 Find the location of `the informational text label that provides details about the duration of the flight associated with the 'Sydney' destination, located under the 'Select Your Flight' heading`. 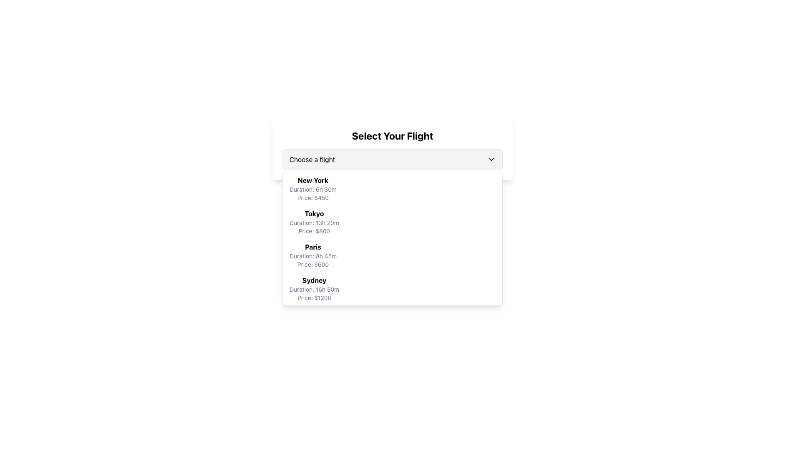

the informational text label that provides details about the duration of the flight associated with the 'Sydney' destination, located under the 'Select Your Flight' heading is located at coordinates (314, 289).